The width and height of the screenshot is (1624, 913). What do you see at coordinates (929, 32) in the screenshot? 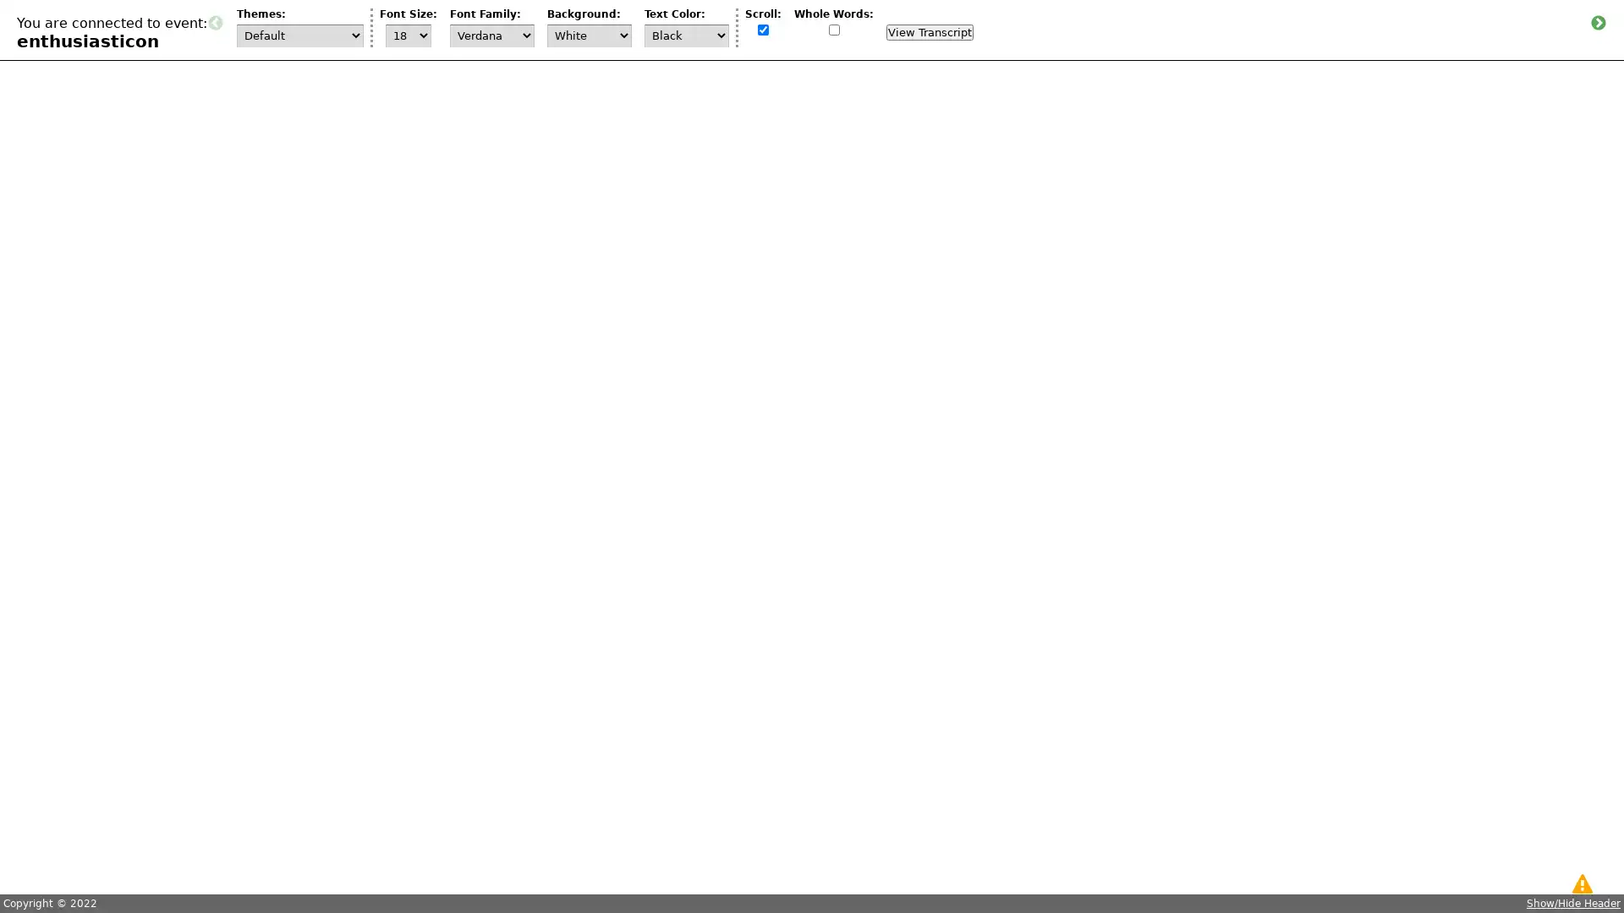
I see `View Transcript` at bounding box center [929, 32].